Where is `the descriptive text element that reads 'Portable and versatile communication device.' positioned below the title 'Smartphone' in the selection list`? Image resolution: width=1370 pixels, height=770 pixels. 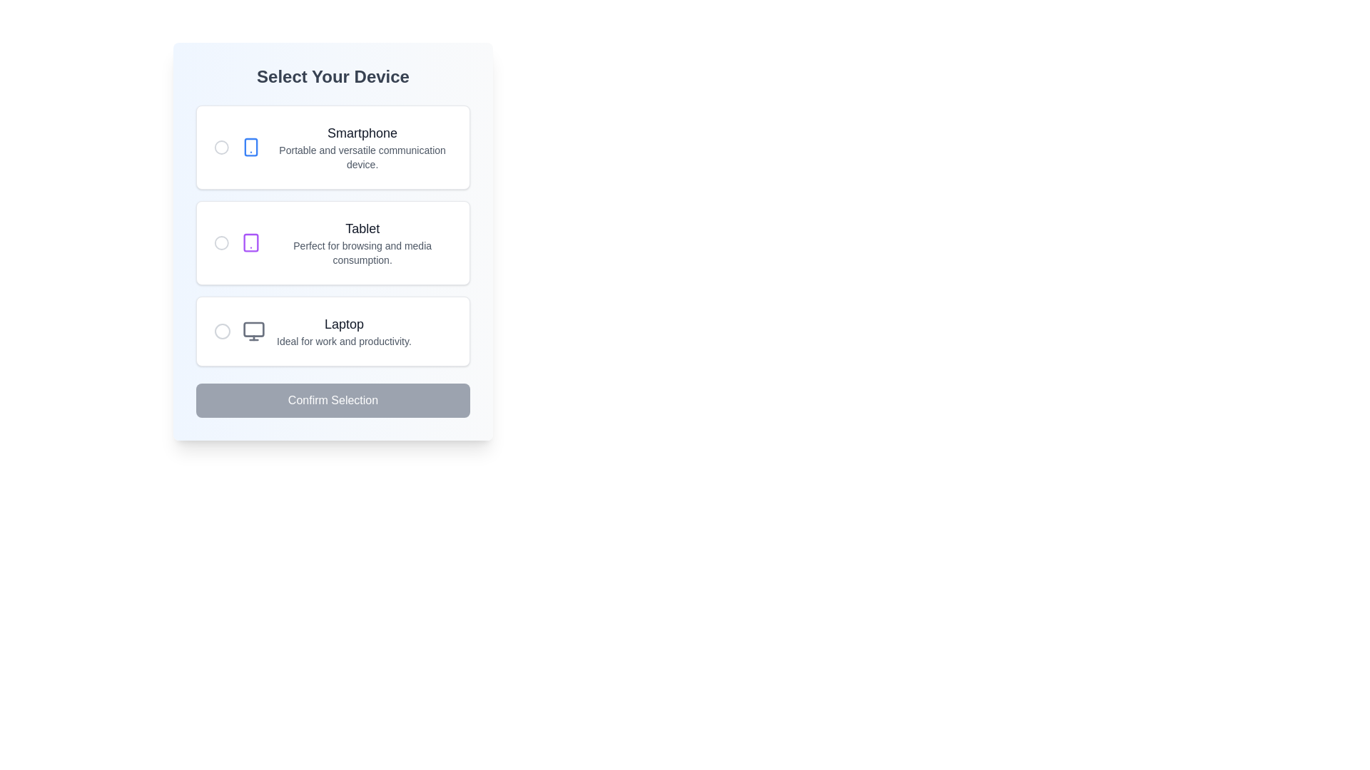
the descriptive text element that reads 'Portable and versatile communication device.' positioned below the title 'Smartphone' in the selection list is located at coordinates (362, 157).